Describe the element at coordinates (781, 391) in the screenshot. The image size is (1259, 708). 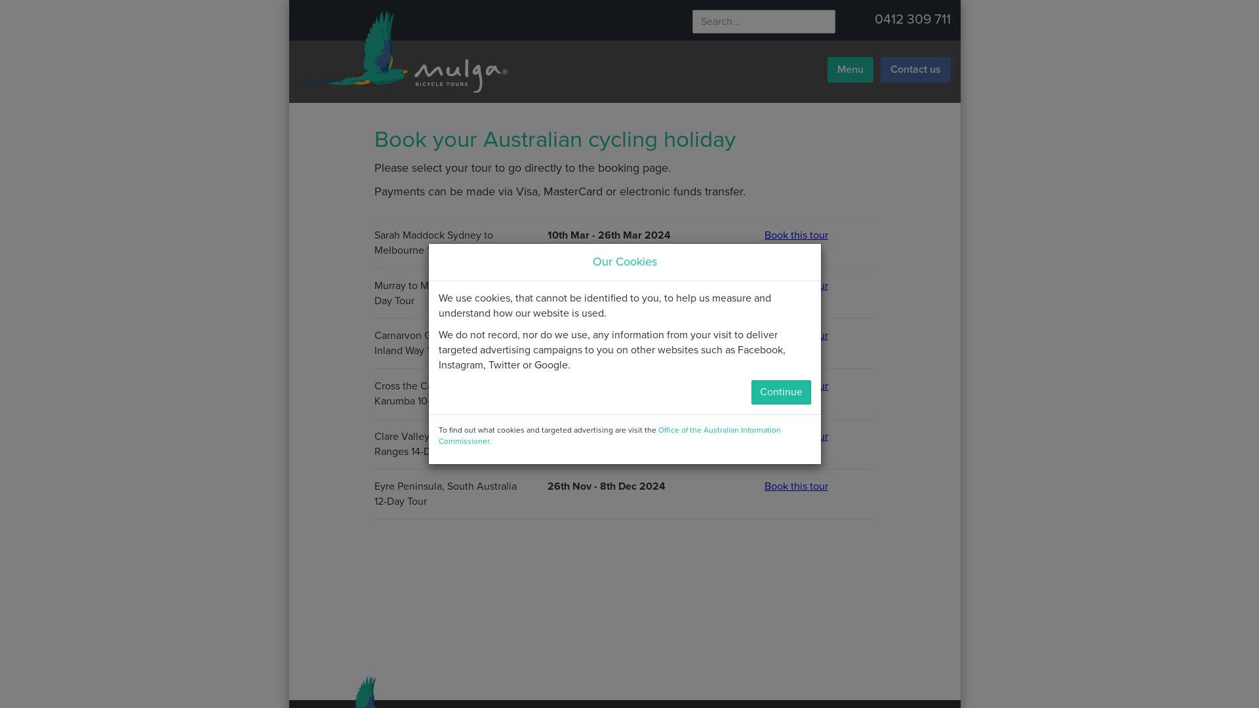
I see `'Continue'` at that location.